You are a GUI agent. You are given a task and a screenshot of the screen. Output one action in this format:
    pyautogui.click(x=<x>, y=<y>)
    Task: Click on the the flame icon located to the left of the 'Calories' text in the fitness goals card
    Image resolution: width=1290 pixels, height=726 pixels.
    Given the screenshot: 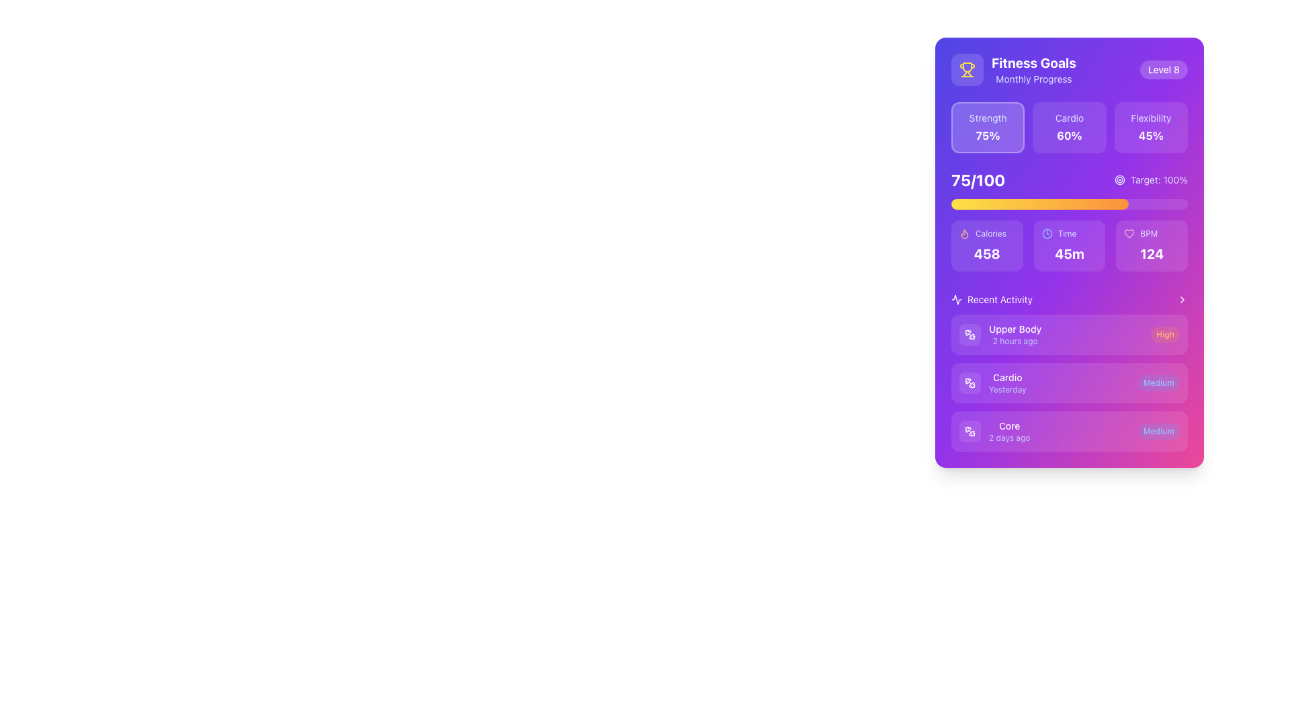 What is the action you would take?
    pyautogui.click(x=963, y=233)
    